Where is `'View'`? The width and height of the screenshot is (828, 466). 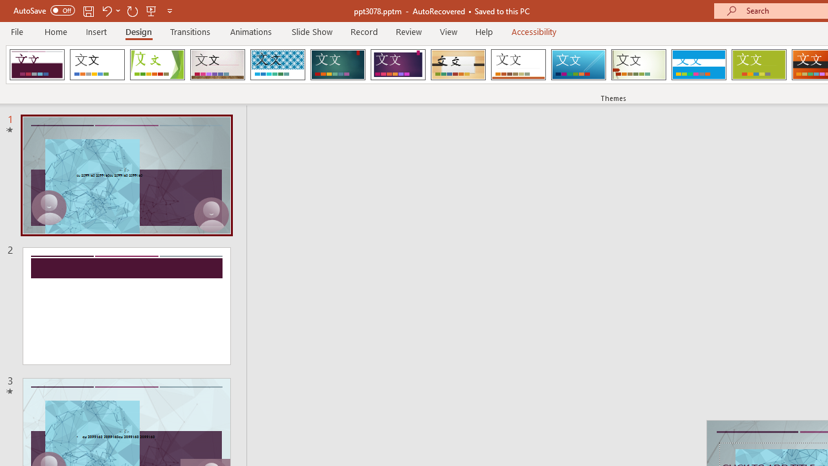
'View' is located at coordinates (448, 31).